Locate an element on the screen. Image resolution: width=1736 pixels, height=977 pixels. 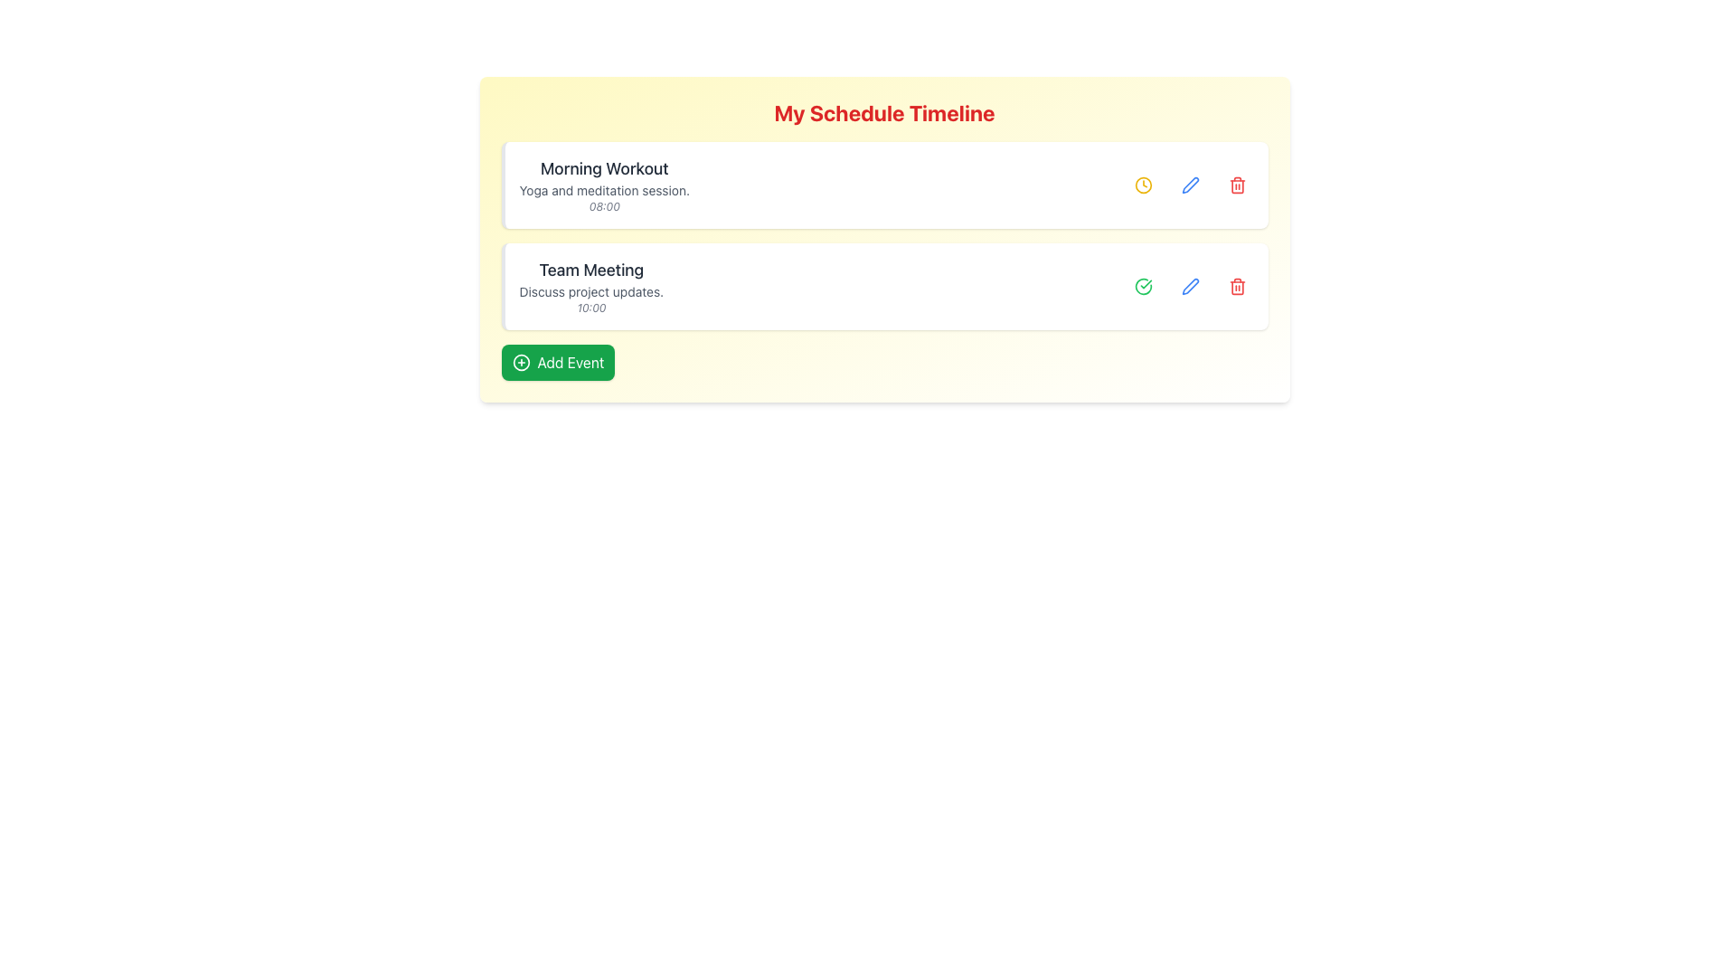
the 'Team Meeting' text label, which is prominently displayed in a bold, larger gray font within the second schedule block, located above the details of 'Discuss project updates.' is located at coordinates (591, 270).